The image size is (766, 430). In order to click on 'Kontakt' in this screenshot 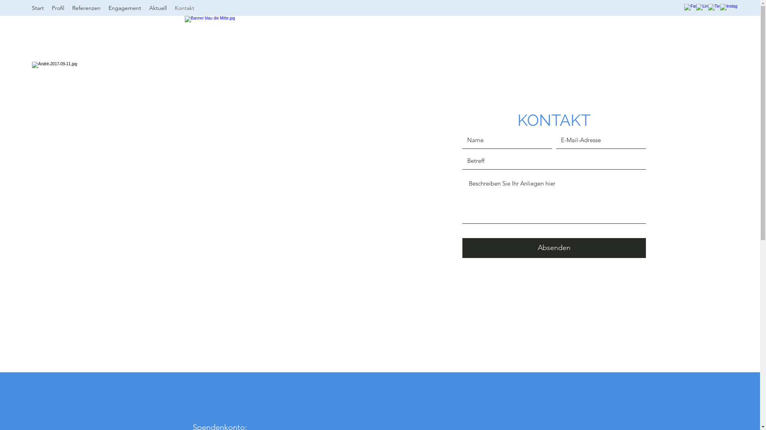, I will do `click(184, 8)`.